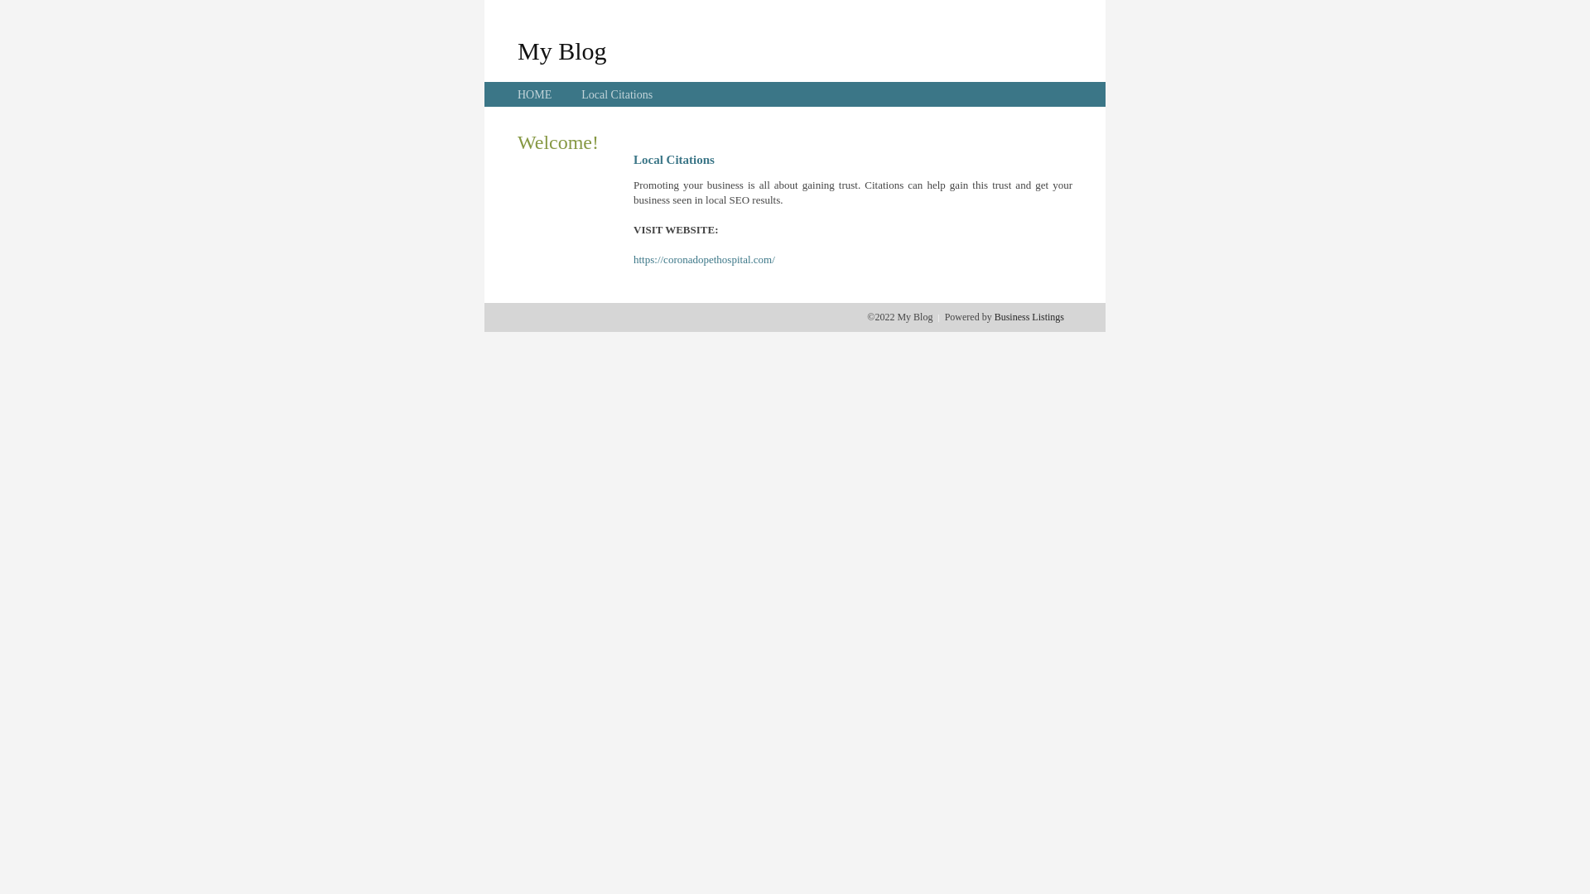 Image resolution: width=1590 pixels, height=894 pixels. Describe the element at coordinates (615, 94) in the screenshot. I see `'Local Citations'` at that location.